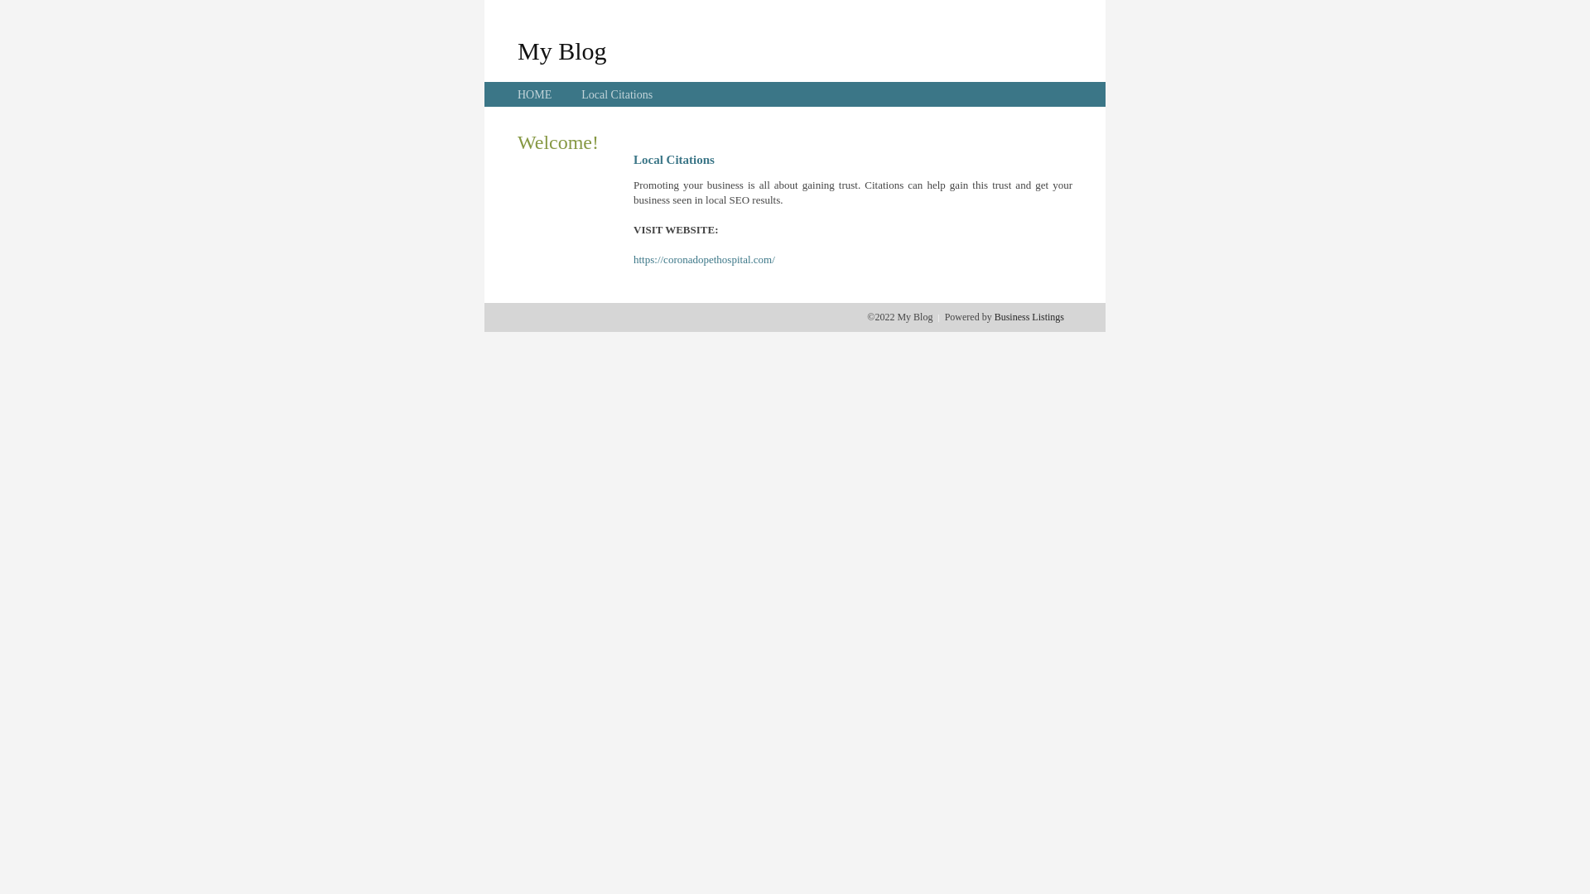 Image resolution: width=1590 pixels, height=894 pixels. Describe the element at coordinates (615, 94) in the screenshot. I see `'Local Citations'` at that location.